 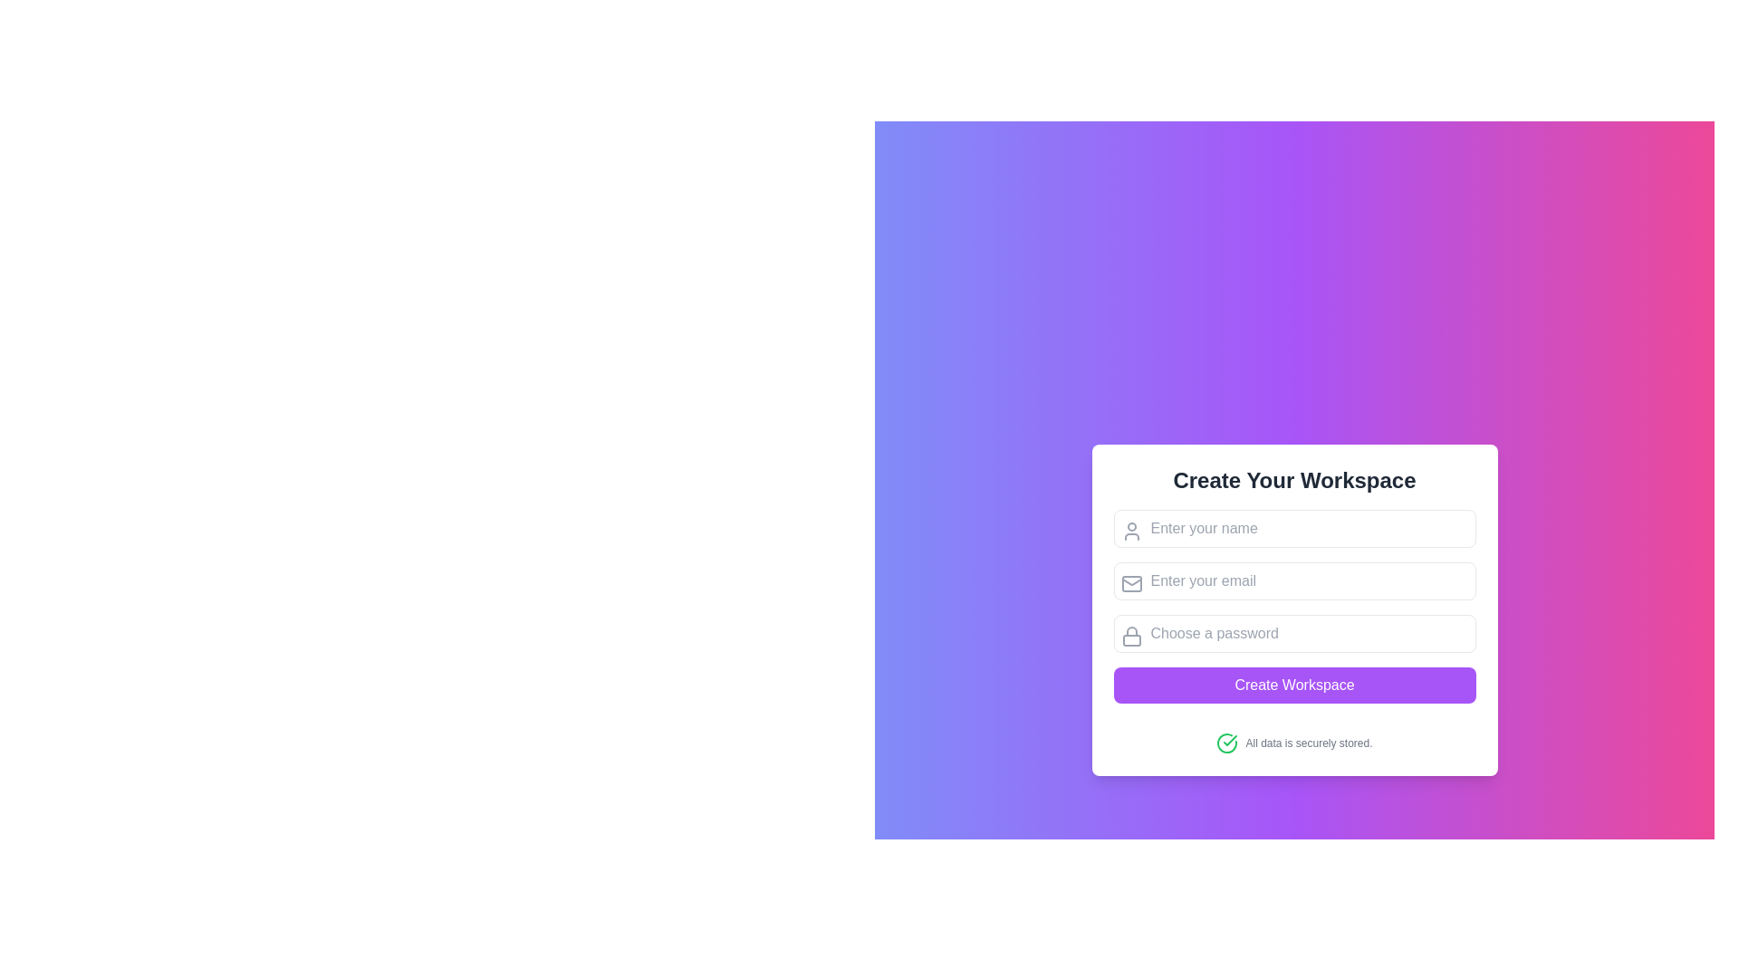 What do you see at coordinates (1309, 743) in the screenshot?
I see `text label that contains the phrase 'All data is securely stored.' which is styled with a small font size and gray color, located at the bottom of the card next to a green checkmark icon` at bounding box center [1309, 743].